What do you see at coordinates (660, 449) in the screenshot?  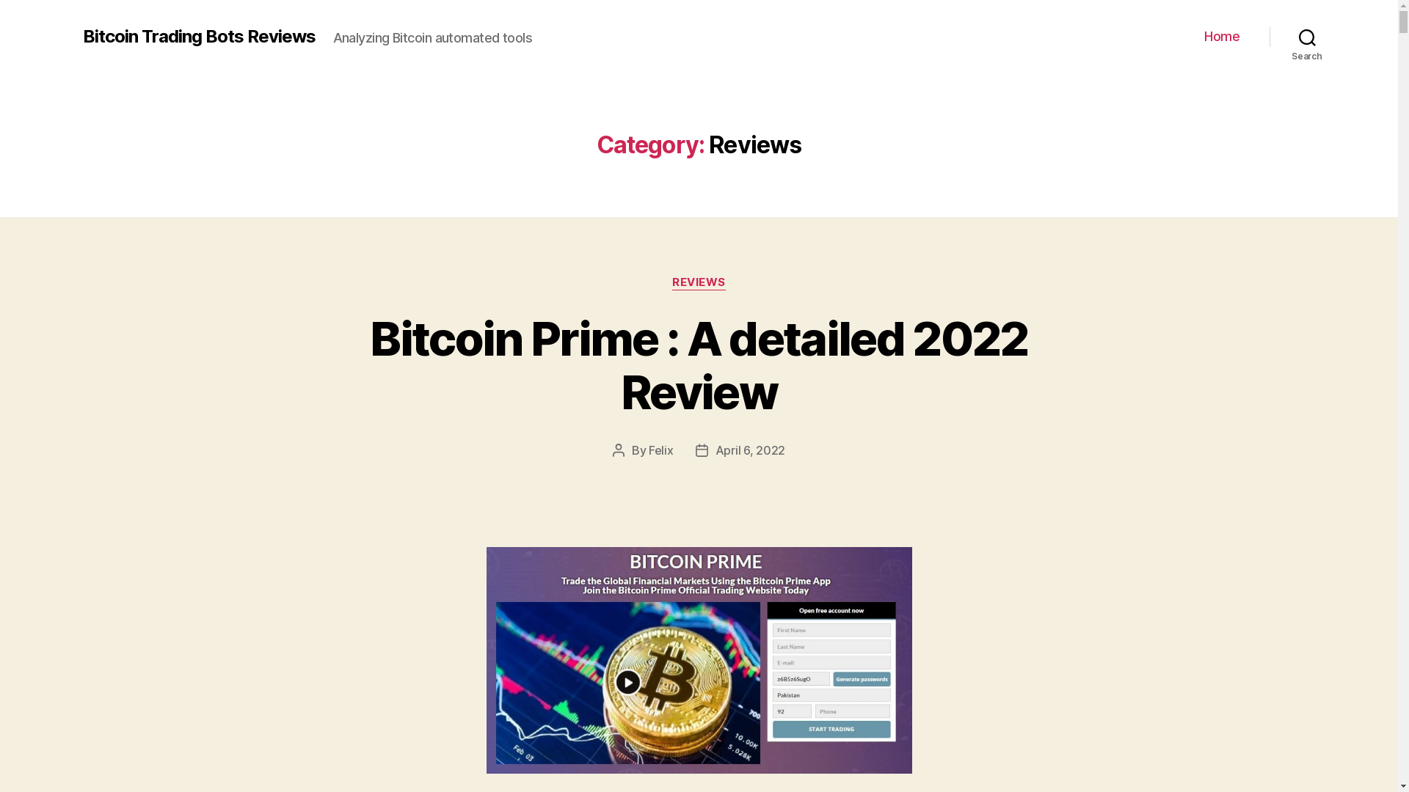 I see `'Felix'` at bounding box center [660, 449].